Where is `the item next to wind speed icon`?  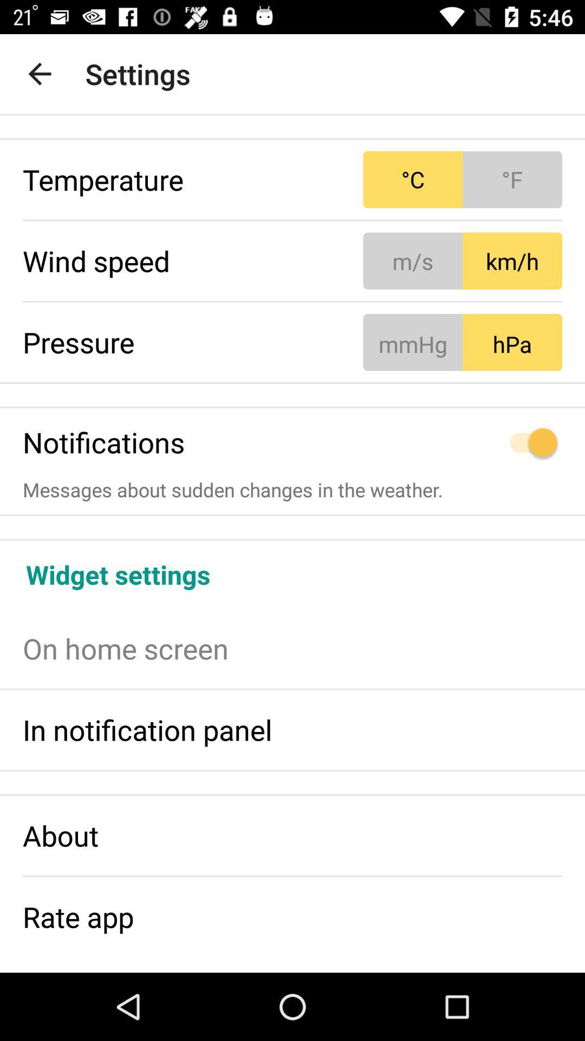
the item next to wind speed icon is located at coordinates (463, 261).